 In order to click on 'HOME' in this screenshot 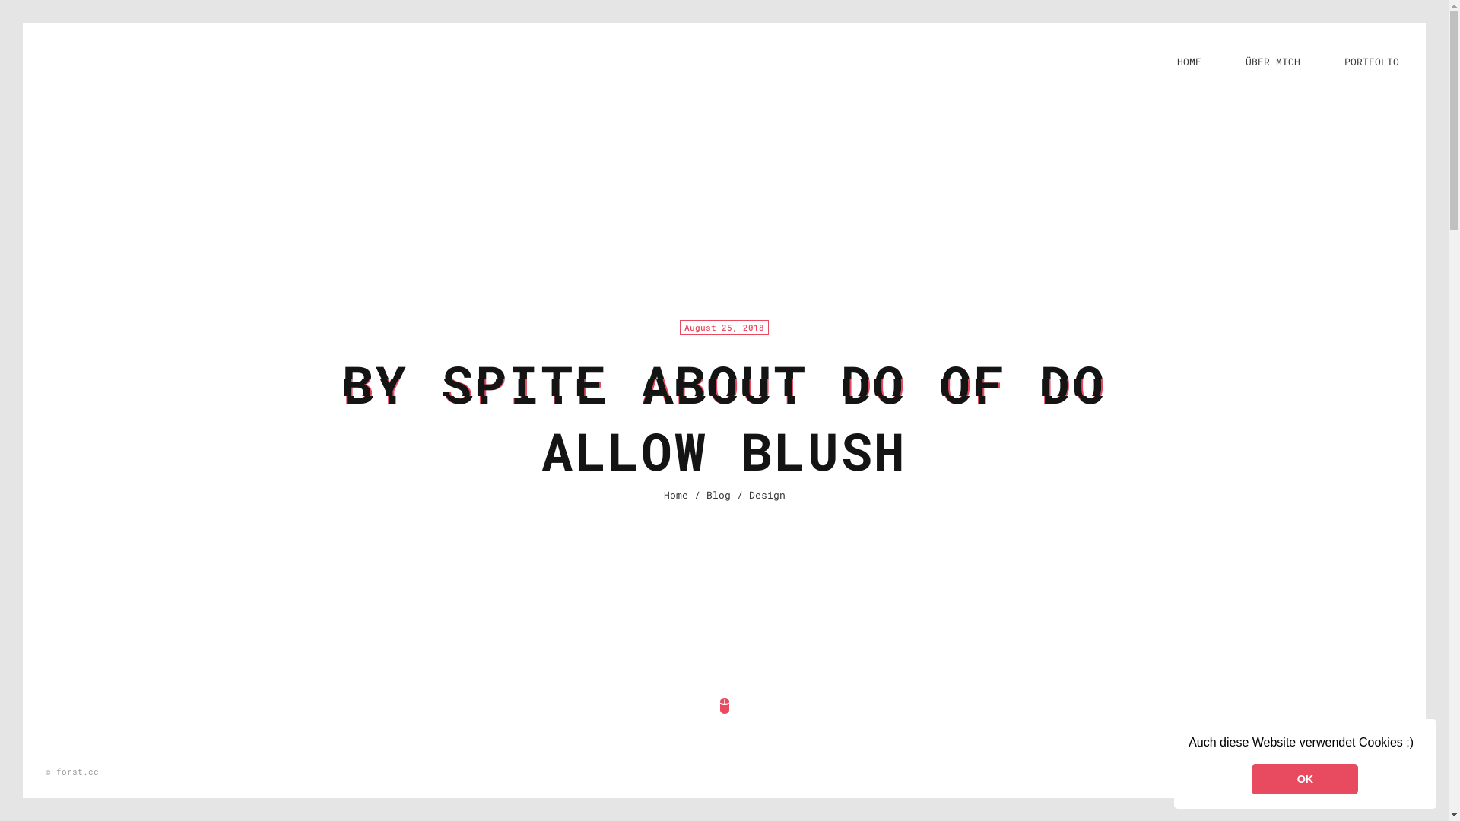, I will do `click(1189, 61)`.